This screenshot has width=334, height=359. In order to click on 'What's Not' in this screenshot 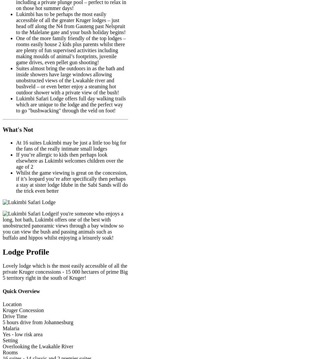, I will do `click(2, 129)`.